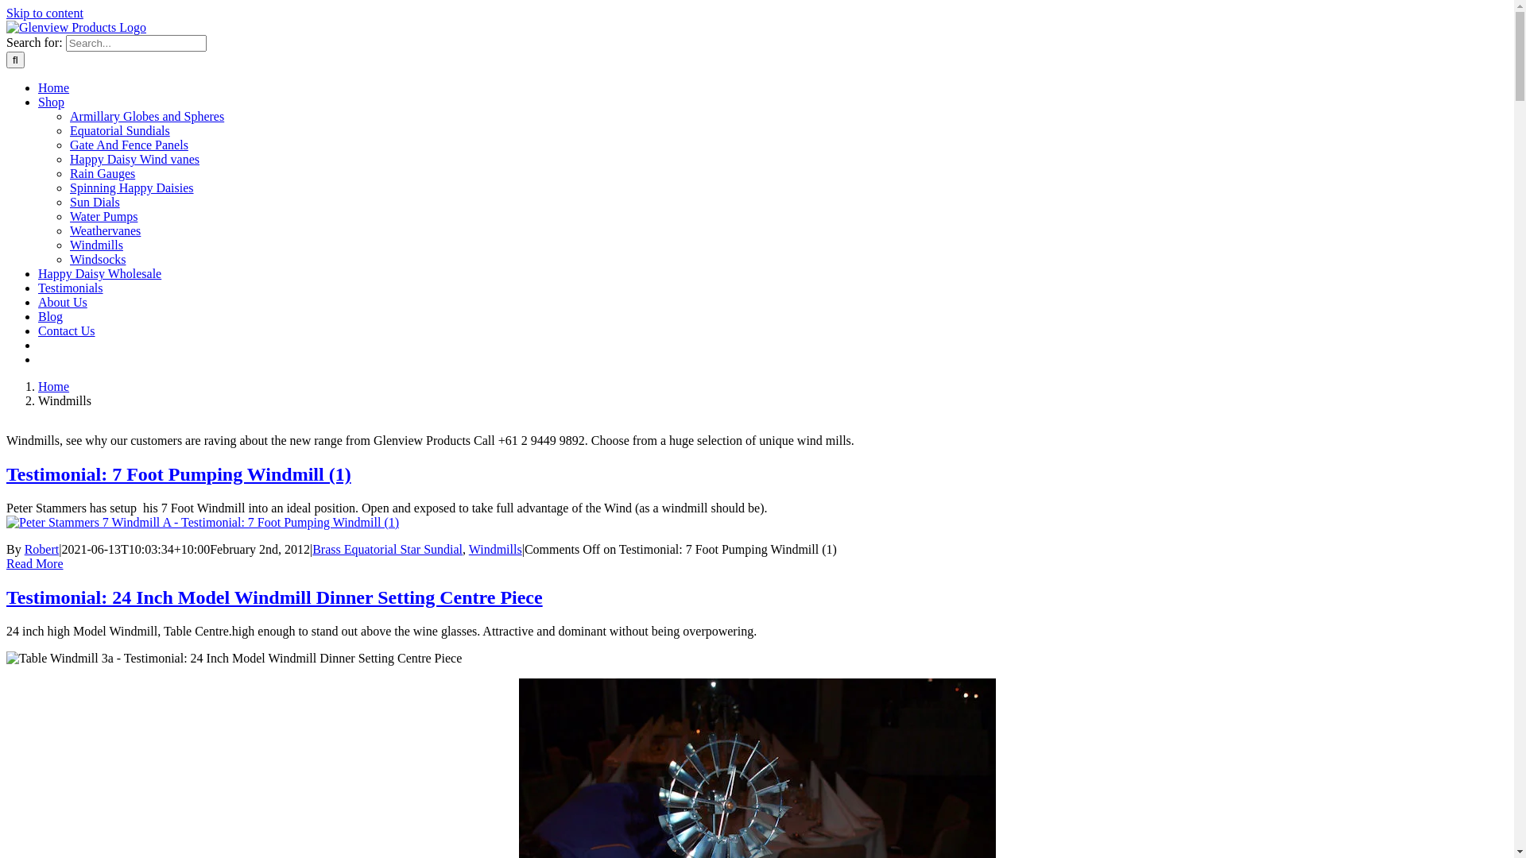 Image resolution: width=1526 pixels, height=858 pixels. What do you see at coordinates (102, 173) in the screenshot?
I see `'Rain Gauges'` at bounding box center [102, 173].